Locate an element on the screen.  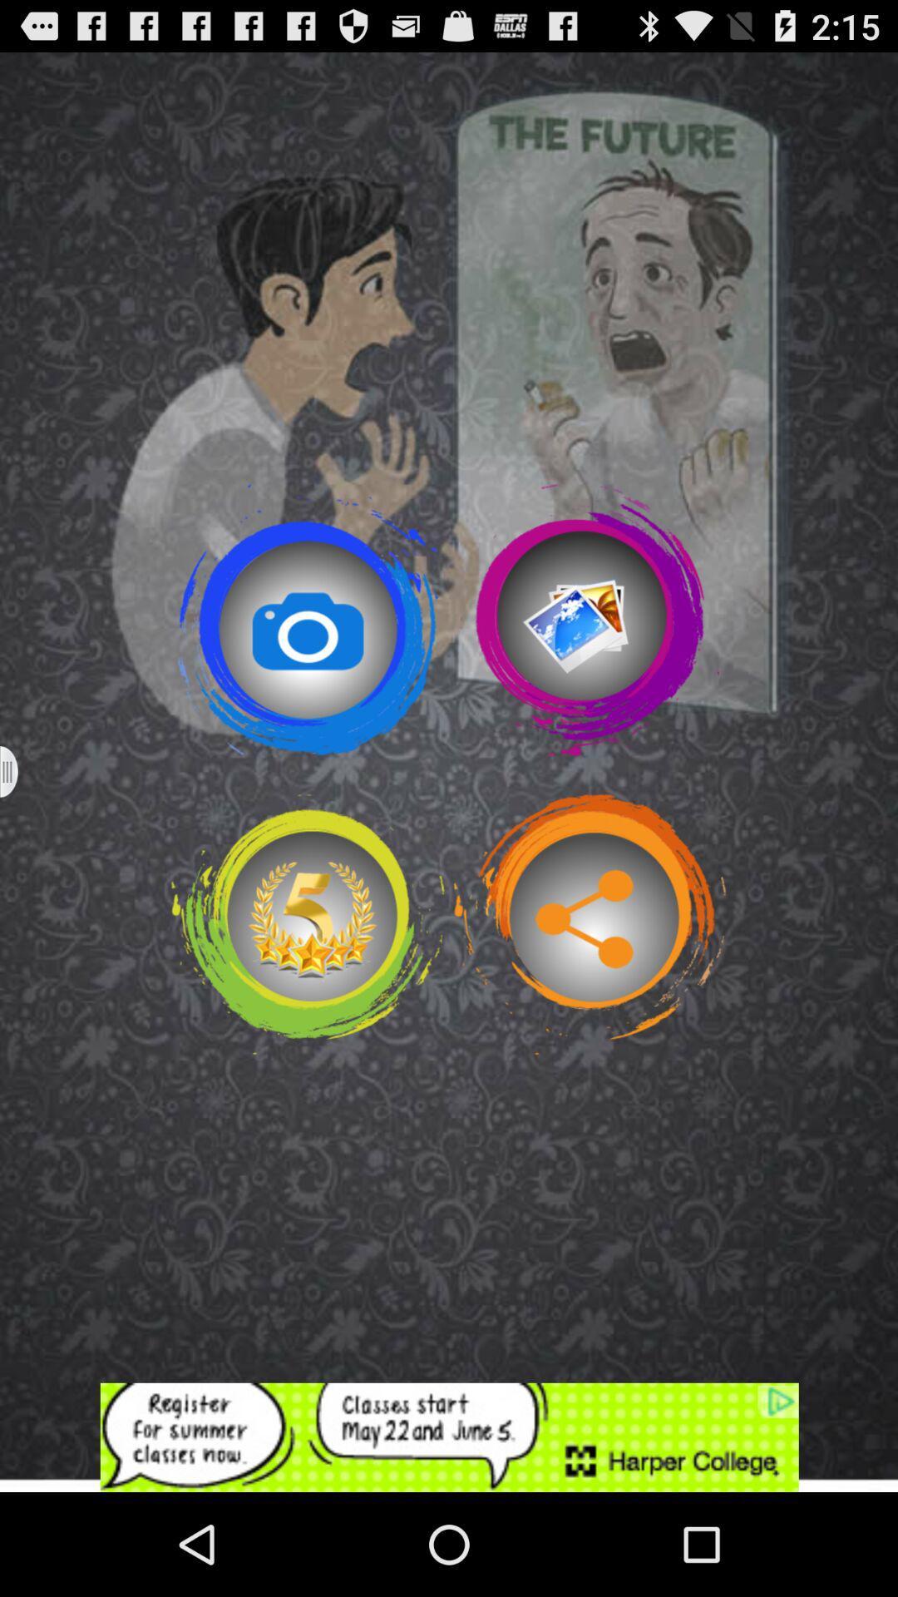
advertisement display is located at coordinates (449, 1436).